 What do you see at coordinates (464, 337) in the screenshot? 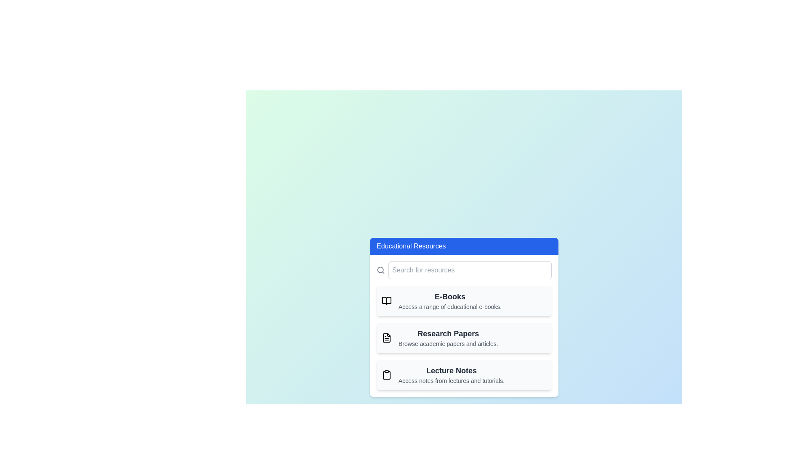
I see `the resource card titled 'Research Papers'` at bounding box center [464, 337].